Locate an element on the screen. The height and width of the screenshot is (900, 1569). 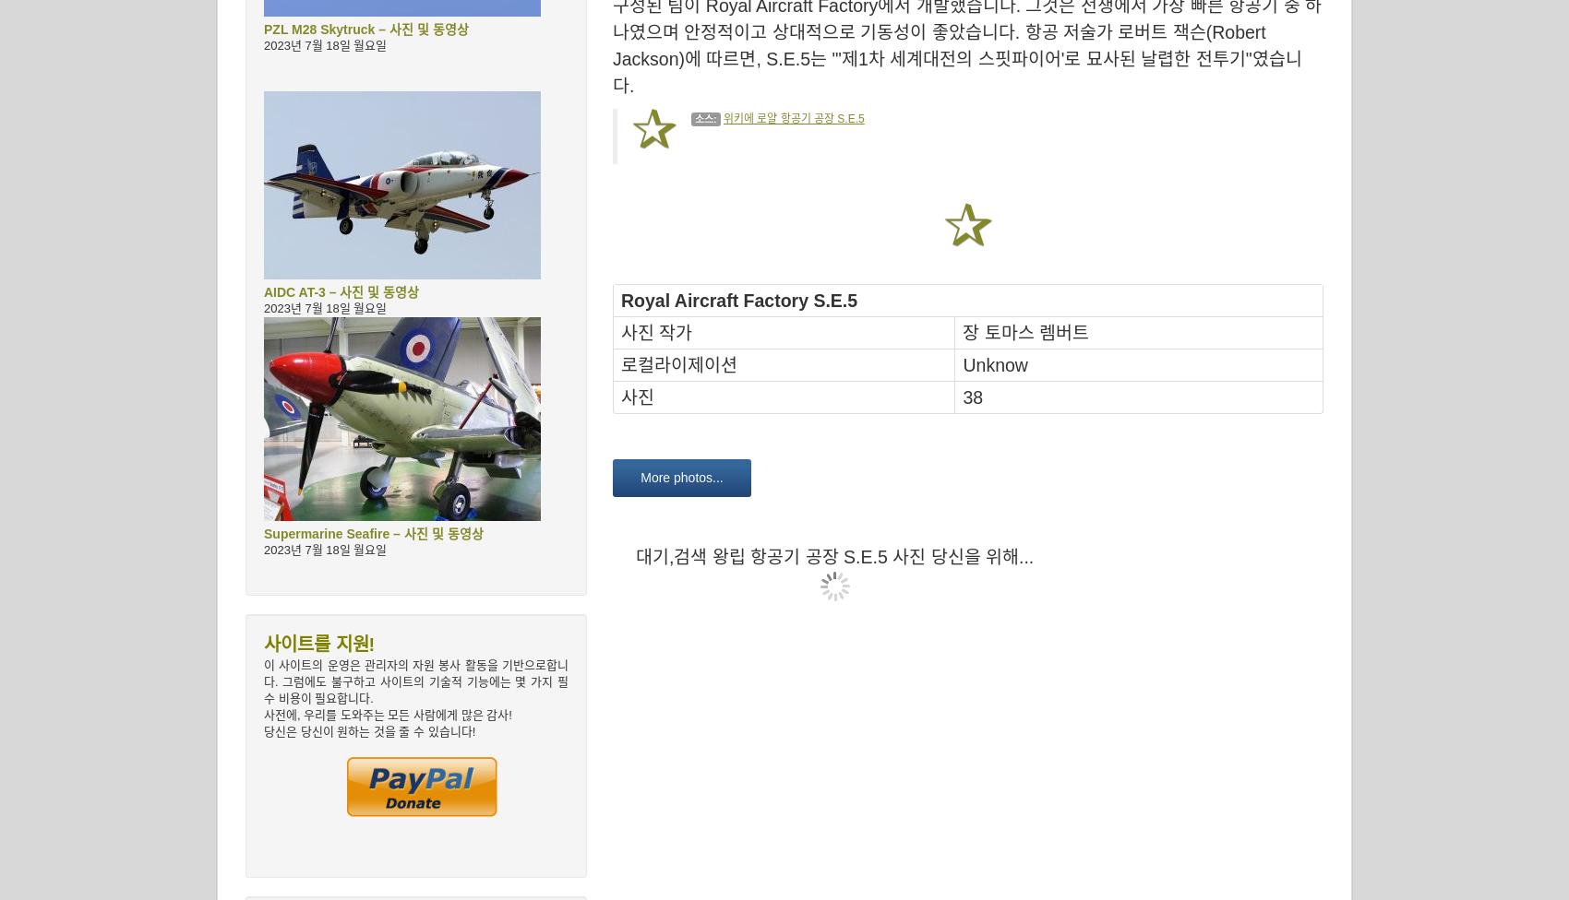
'PZL M28 Skytruck – 사진 및 동영상' is located at coordinates (365, 30).